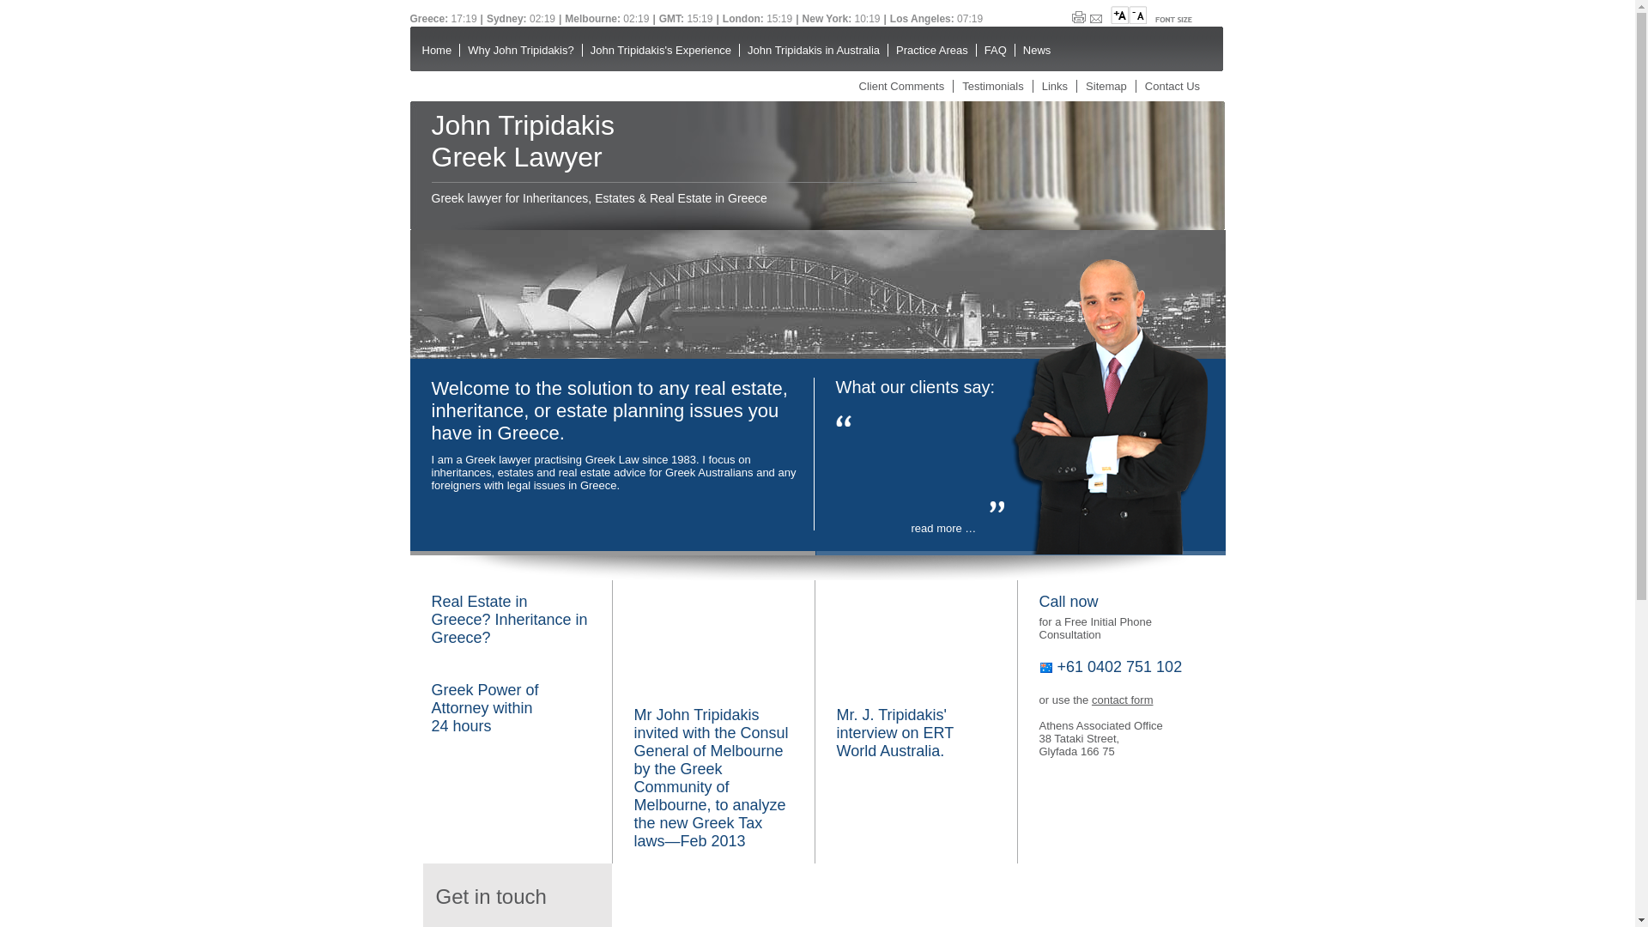  What do you see at coordinates (930, 49) in the screenshot?
I see `'Practice Areas'` at bounding box center [930, 49].